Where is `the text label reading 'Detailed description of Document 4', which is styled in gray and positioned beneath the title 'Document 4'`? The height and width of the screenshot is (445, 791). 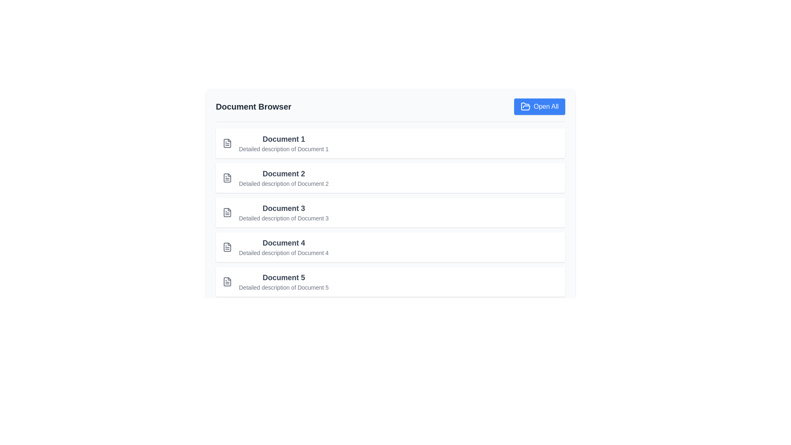
the text label reading 'Detailed description of Document 4', which is styled in gray and positioned beneath the title 'Document 4' is located at coordinates (283, 252).